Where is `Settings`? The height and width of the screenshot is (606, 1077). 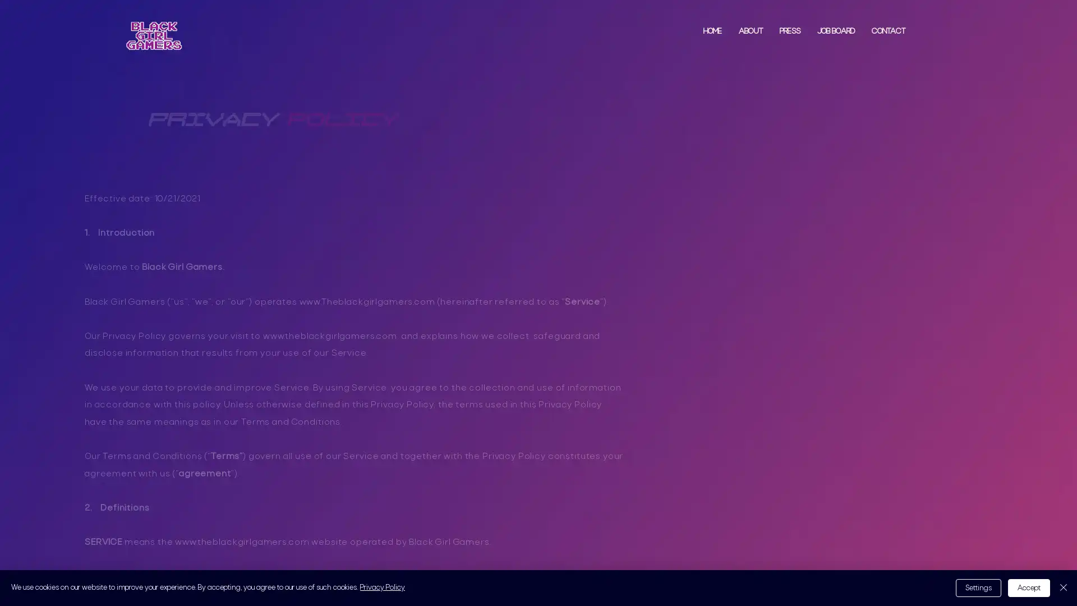
Settings is located at coordinates (978, 587).